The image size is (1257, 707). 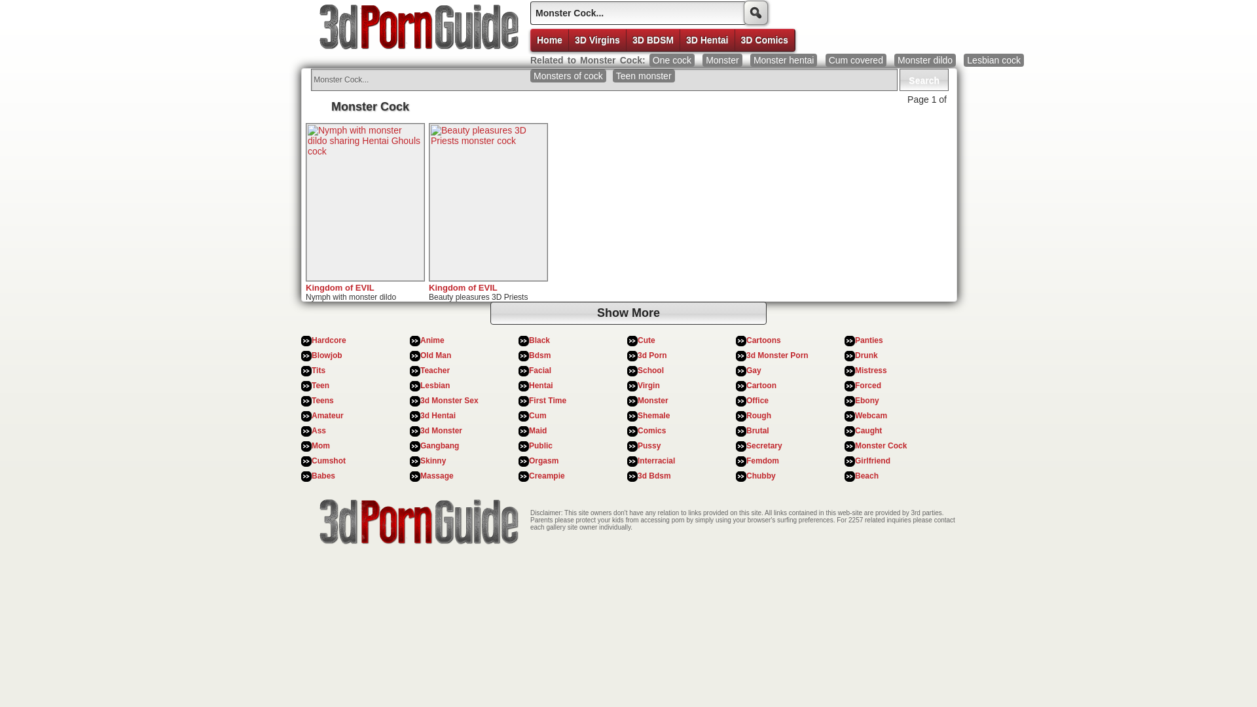 What do you see at coordinates (869, 340) in the screenshot?
I see `'Panties'` at bounding box center [869, 340].